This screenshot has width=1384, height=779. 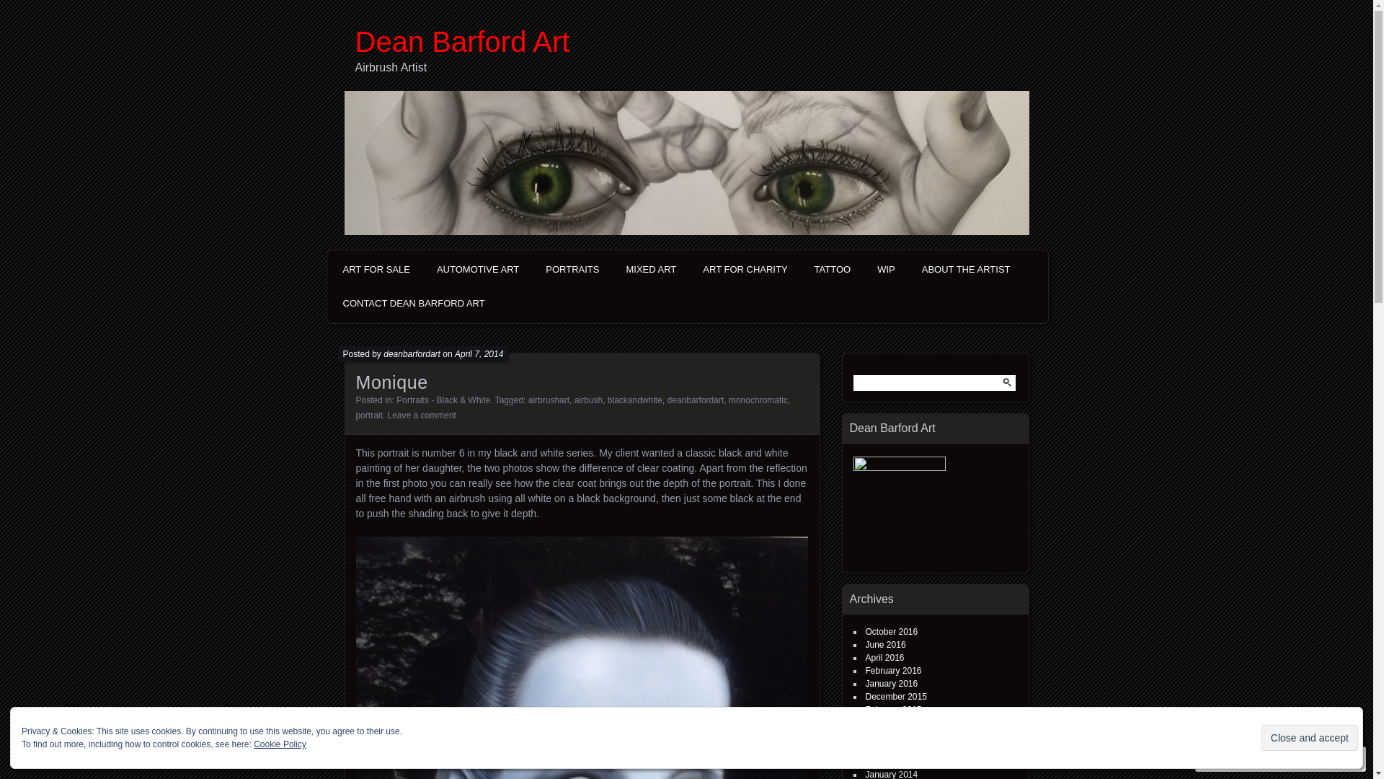 I want to click on 'TATTOO', so click(x=833, y=270).